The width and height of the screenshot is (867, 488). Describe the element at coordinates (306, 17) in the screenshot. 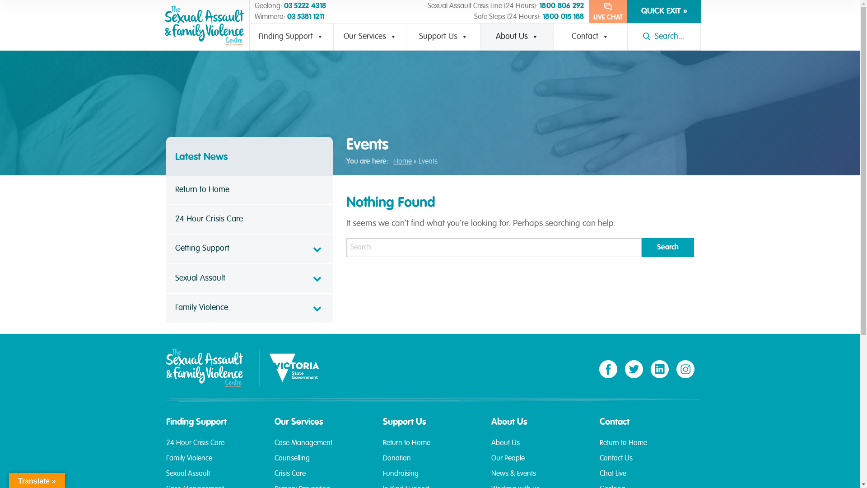

I see `'03 5381 1211'` at that location.